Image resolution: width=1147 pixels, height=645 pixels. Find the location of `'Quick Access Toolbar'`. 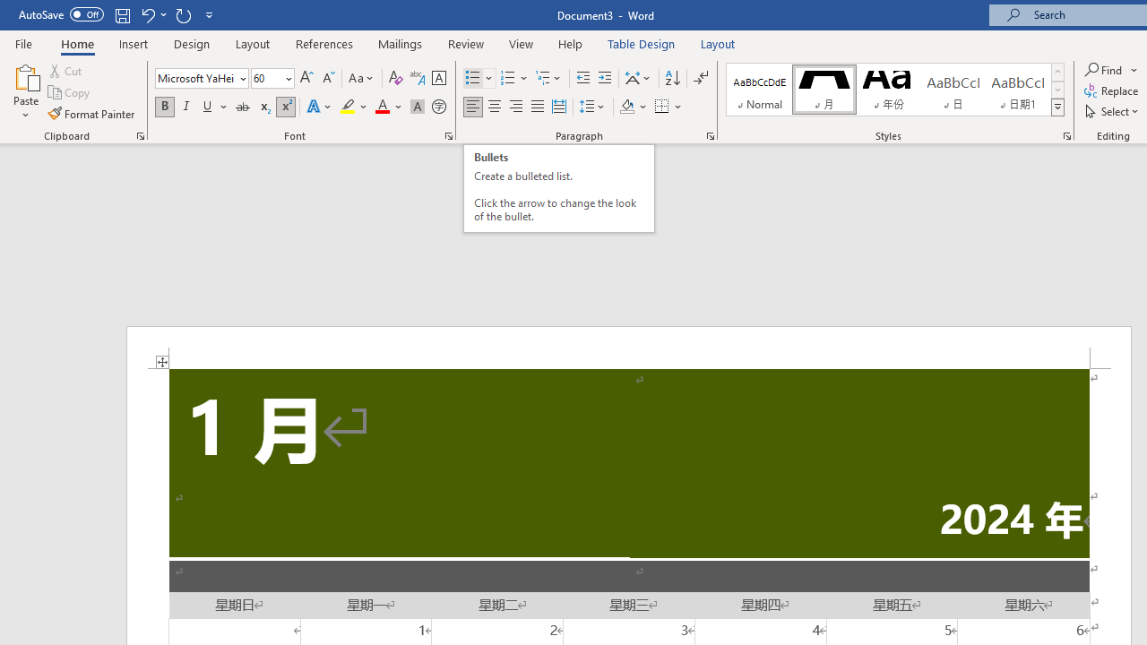

'Quick Access Toolbar' is located at coordinates (116, 14).